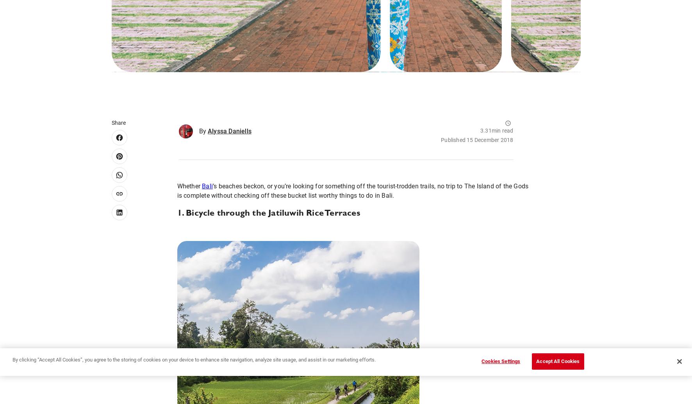 Image resolution: width=692 pixels, height=404 pixels. Describe the element at coordinates (118, 122) in the screenshot. I see `'Share'` at that location.